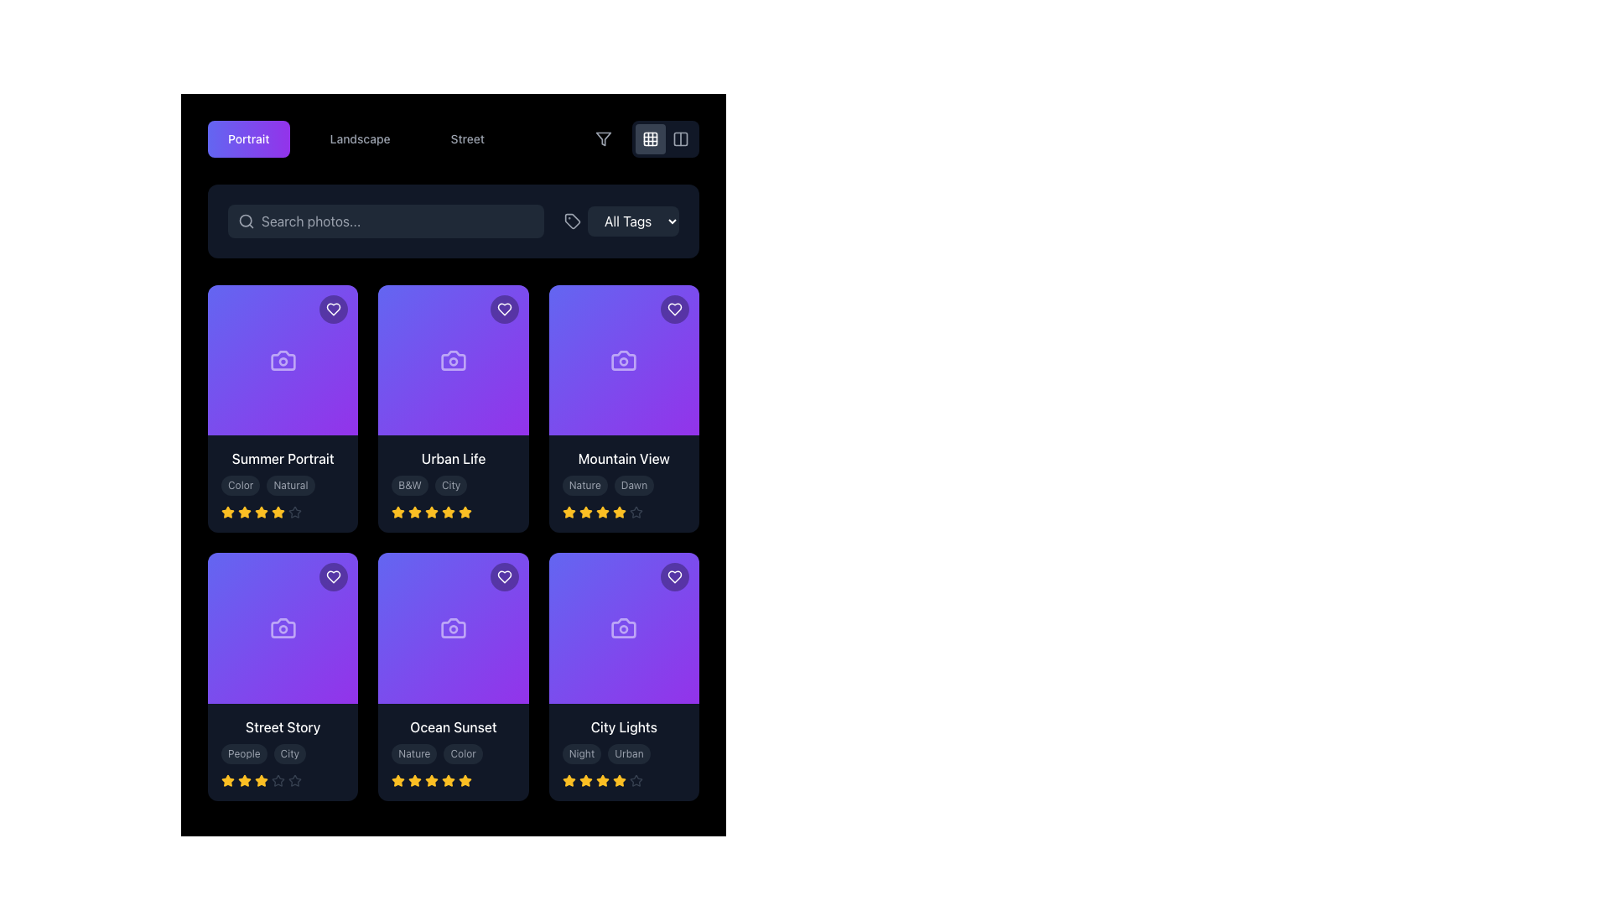  Describe the element at coordinates (569, 780) in the screenshot. I see `the first filled star icon representing the rating under the text 'City Lights' in the last card of the bottom row to modify the rating` at that location.